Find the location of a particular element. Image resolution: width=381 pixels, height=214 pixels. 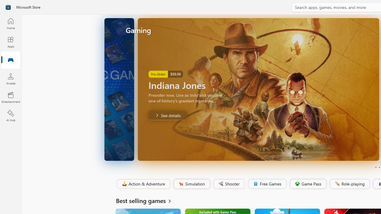

'Arcade' is located at coordinates (10, 78).